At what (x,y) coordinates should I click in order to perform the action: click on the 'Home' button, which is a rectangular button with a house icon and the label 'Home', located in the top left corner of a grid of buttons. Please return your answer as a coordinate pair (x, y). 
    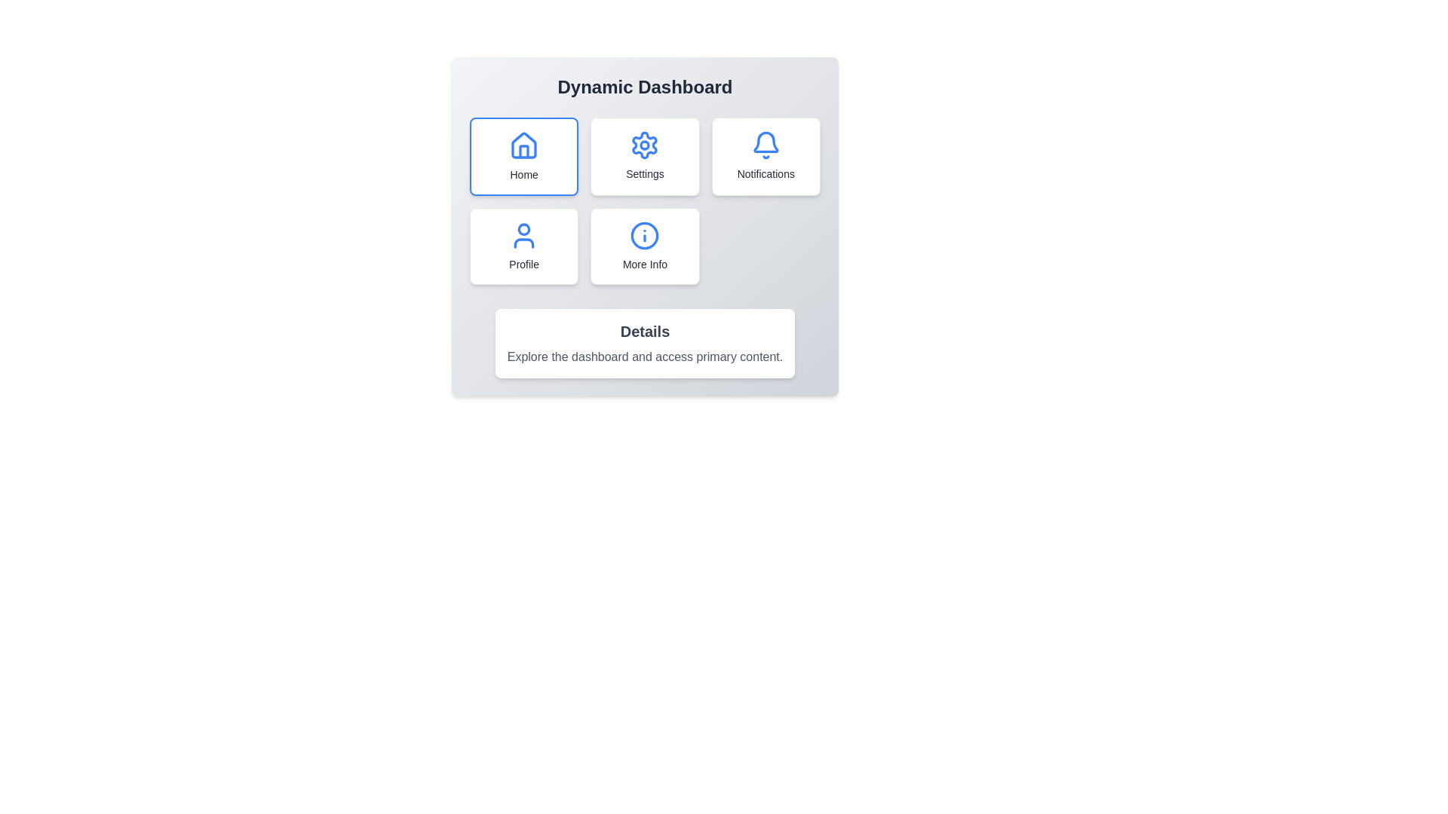
    Looking at the image, I should click on (524, 157).